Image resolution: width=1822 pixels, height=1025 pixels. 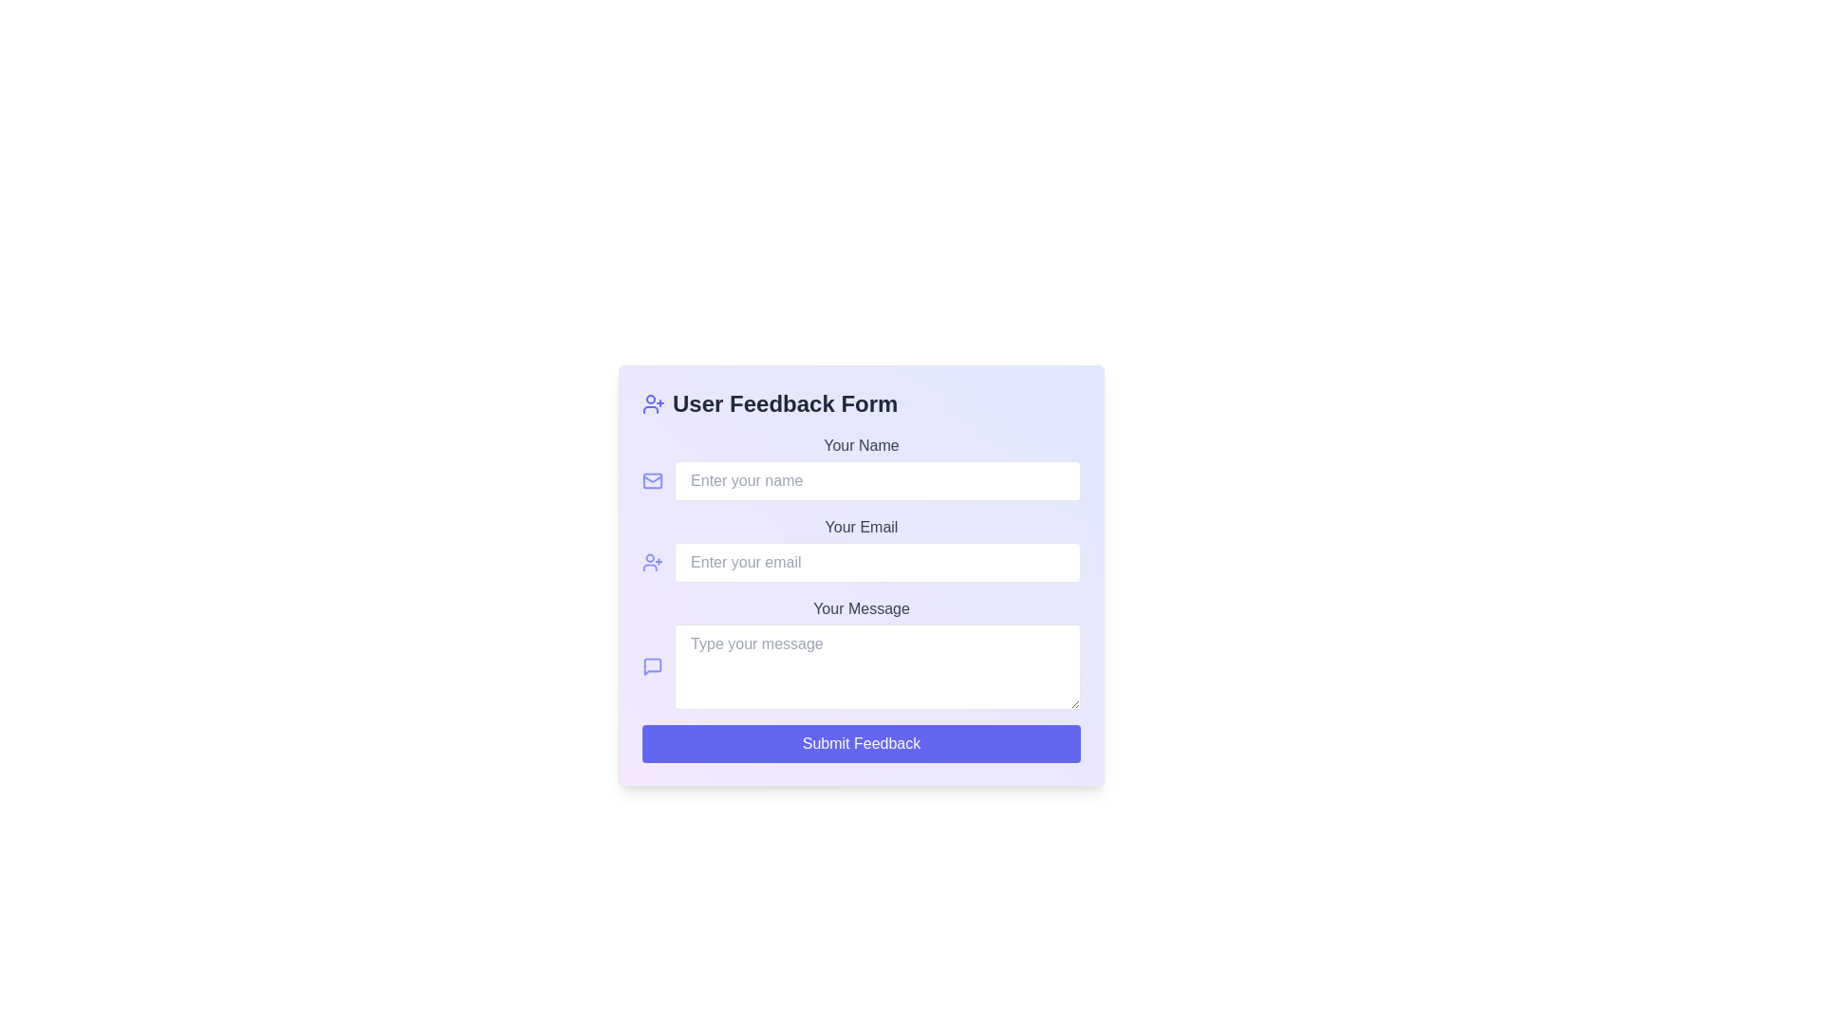 I want to click on the text label displaying 'Your Message' which is styled in soft gray color, located in the middle of the form beneath 'Your Email' and above the message input field, so click(x=860, y=608).